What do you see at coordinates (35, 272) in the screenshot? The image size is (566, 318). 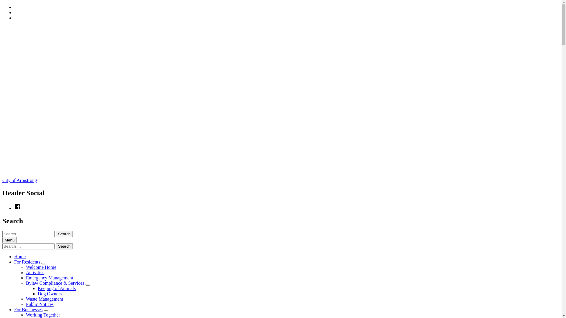 I see `'Activities'` at bounding box center [35, 272].